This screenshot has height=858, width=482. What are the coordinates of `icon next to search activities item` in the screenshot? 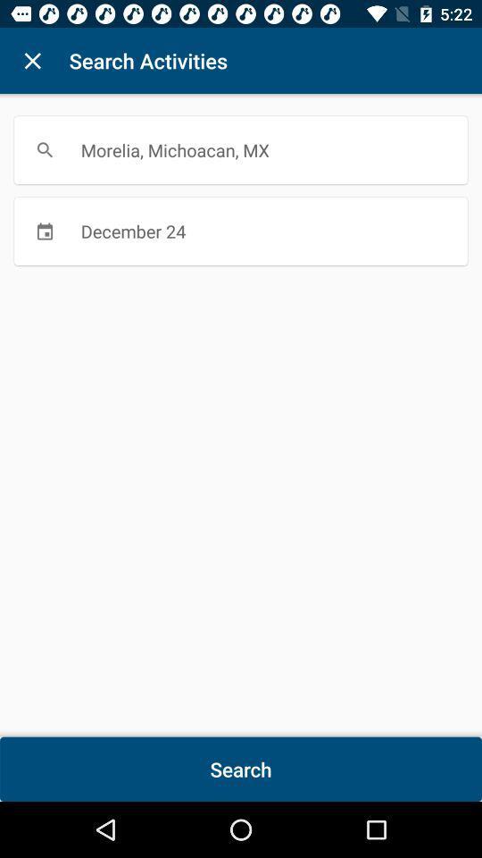 It's located at (32, 61).